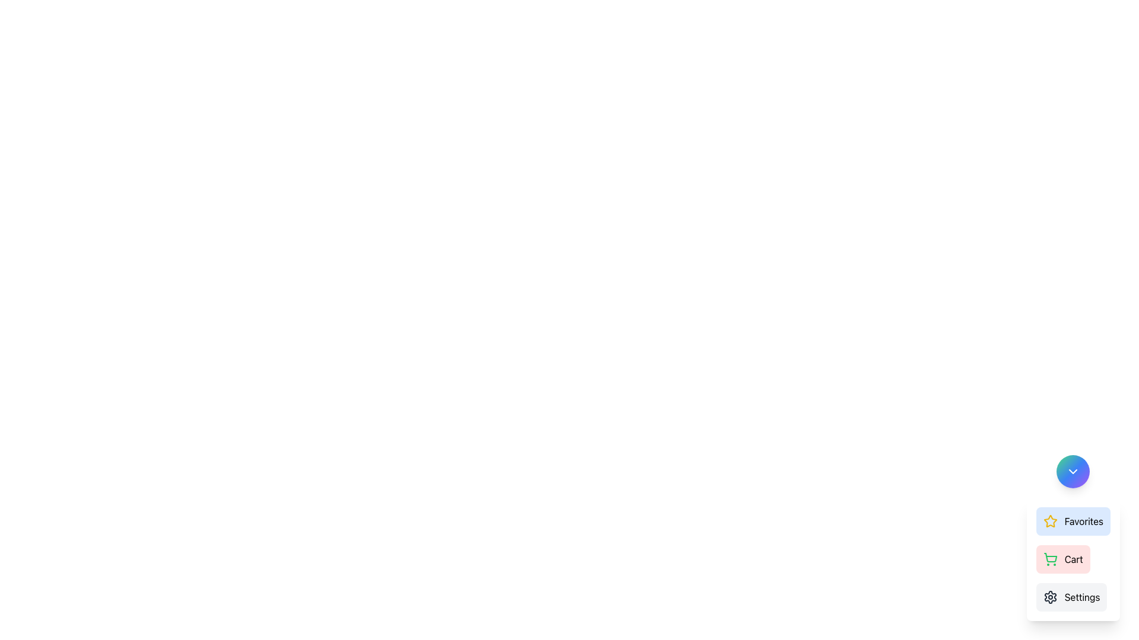 The height and width of the screenshot is (640, 1139). I want to click on the red button labeled 'Cart' with a shopping cart icon, so click(1063, 559).